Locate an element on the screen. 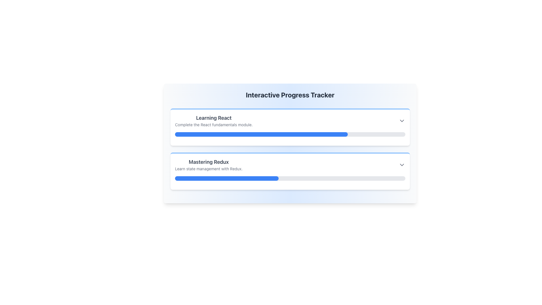 Image resolution: width=542 pixels, height=305 pixels. text label that says 'Mastering Redux', which is displayed in bold and dark gray, located below the 'Interactive Progress Tracker' section is located at coordinates (208, 162).